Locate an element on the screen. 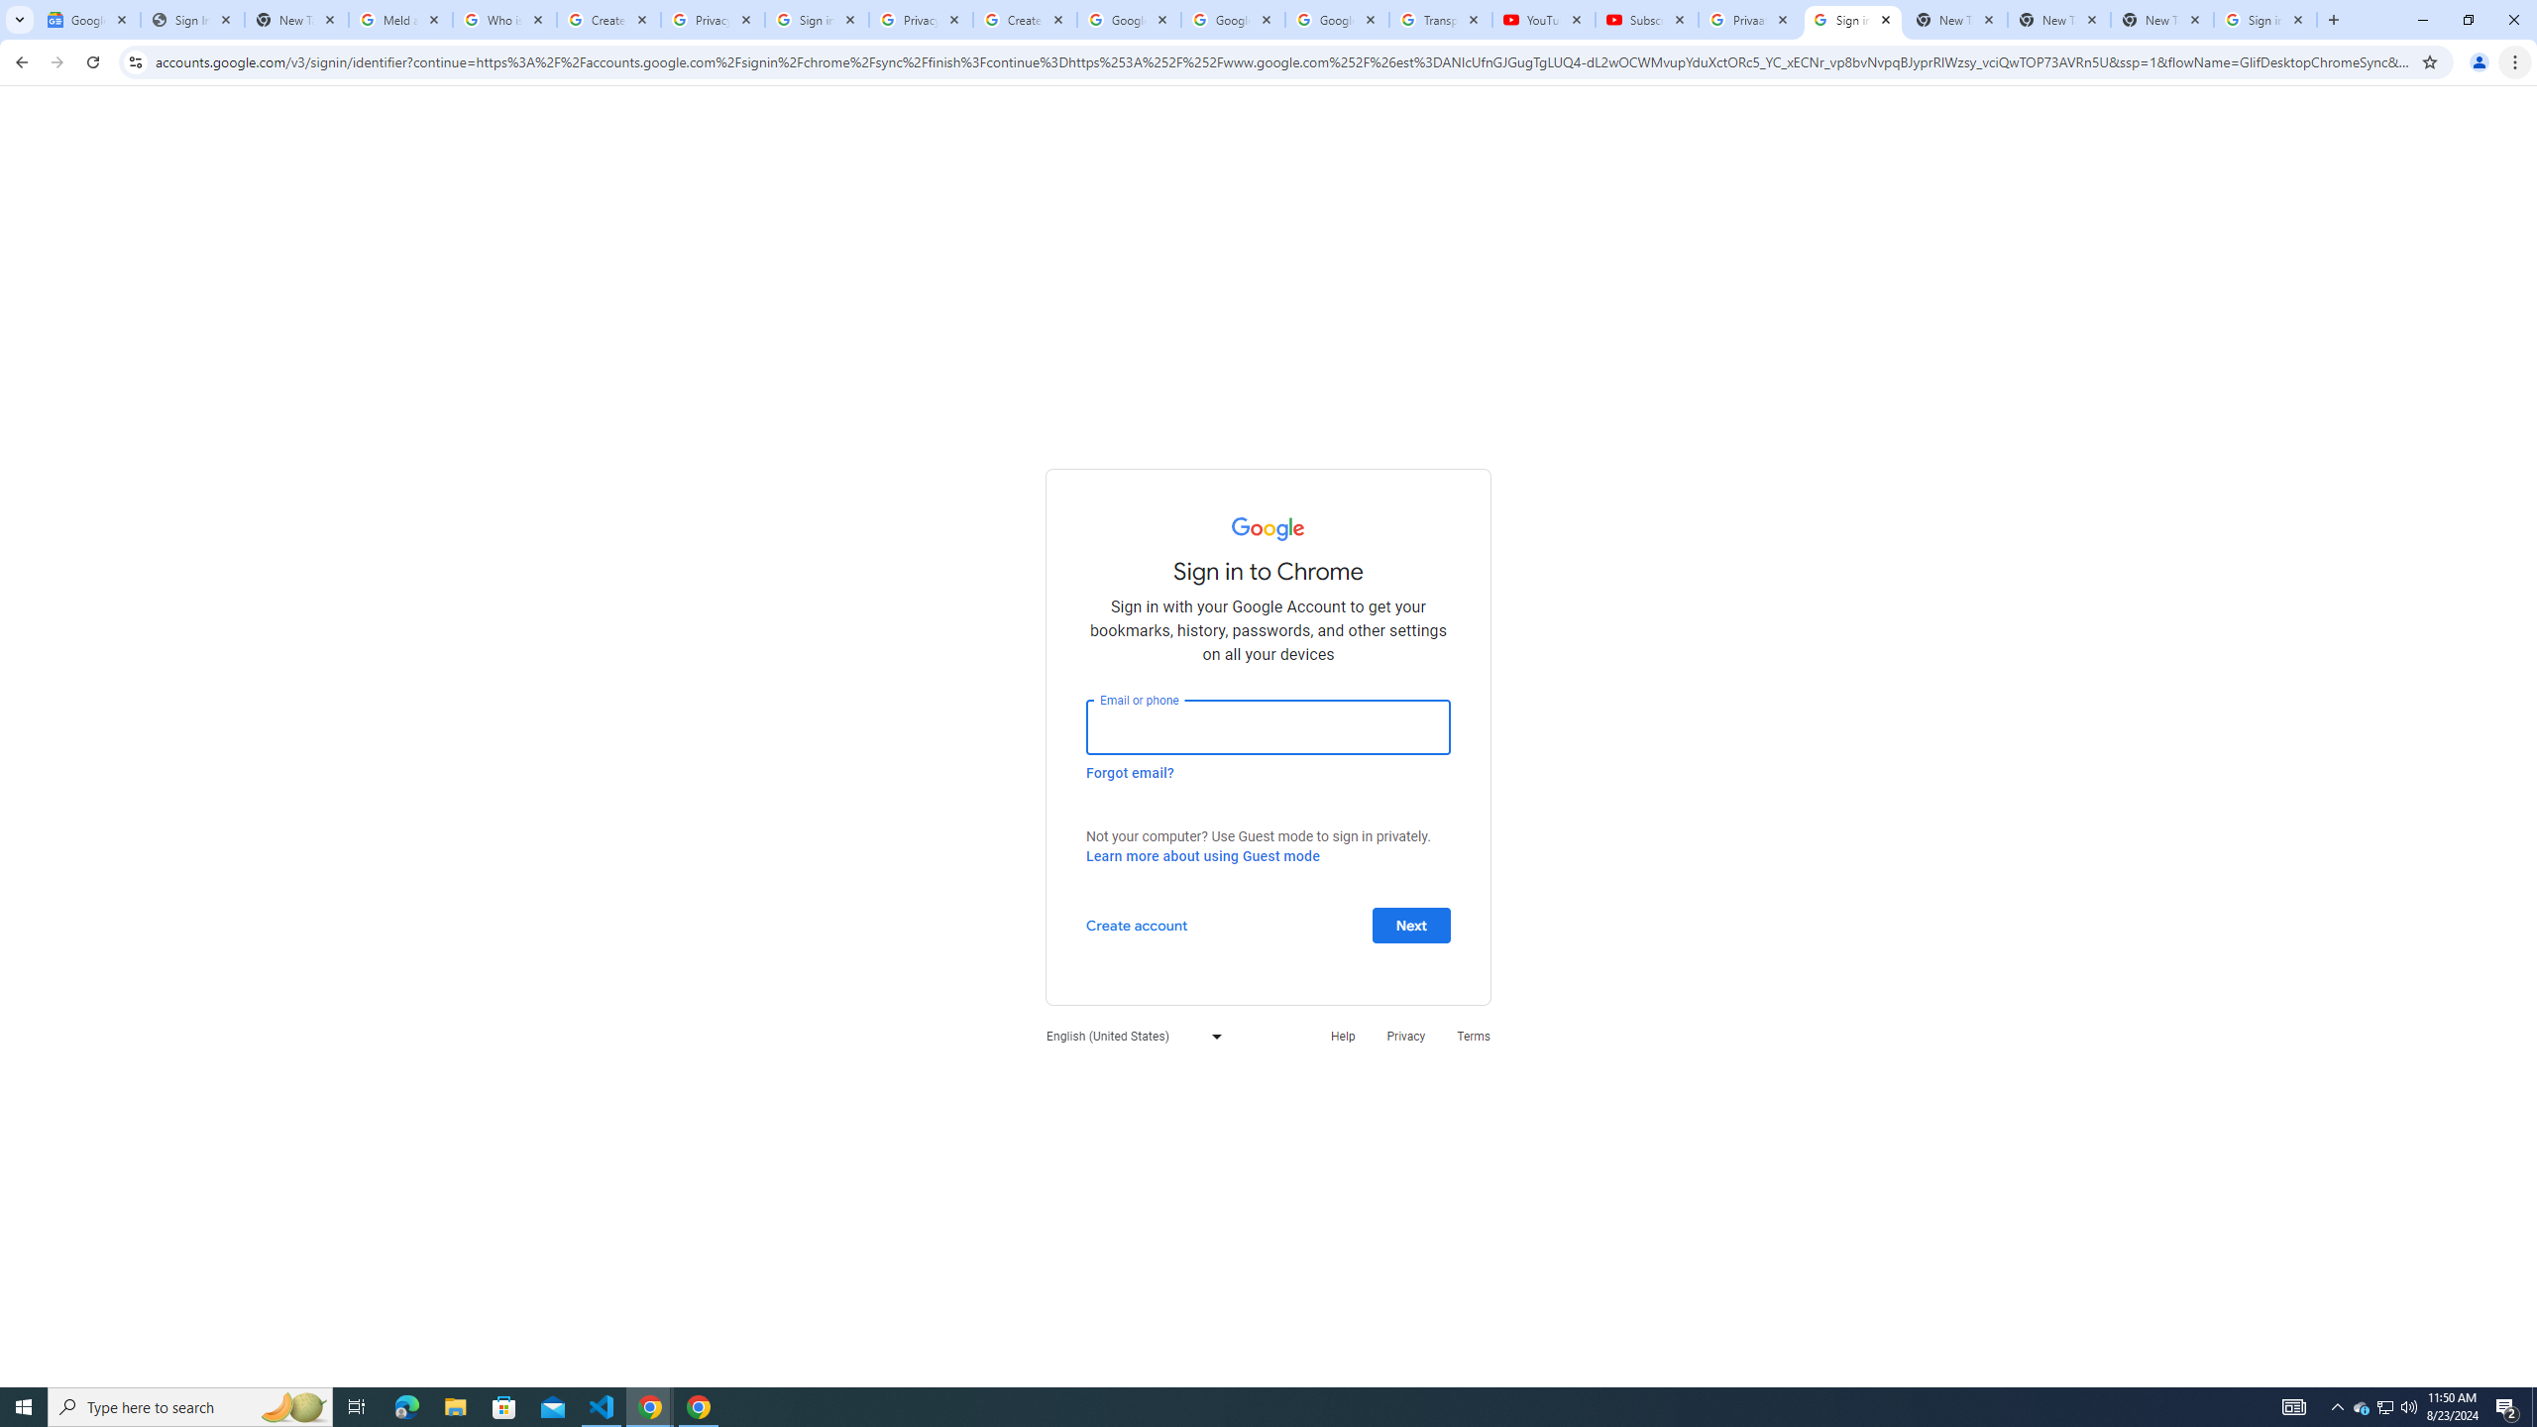 Image resolution: width=2537 pixels, height=1427 pixels. 'Subscriptions - YouTube' is located at coordinates (1645, 19).